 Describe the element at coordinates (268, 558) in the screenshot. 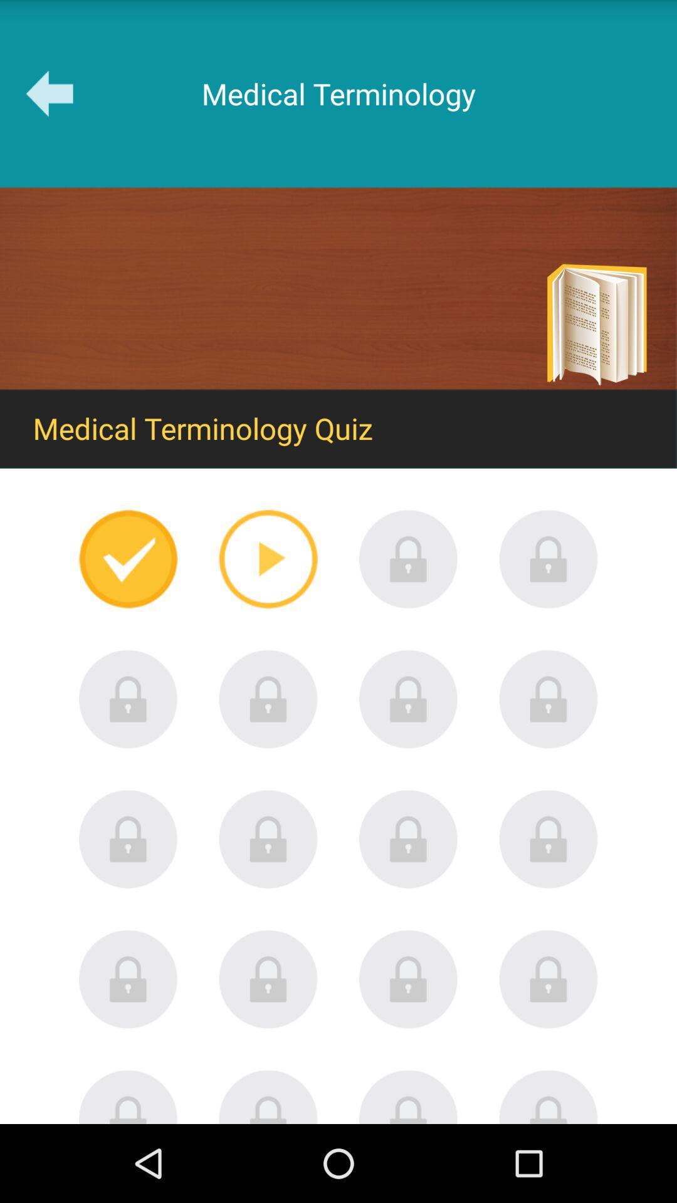

I see `play` at that location.